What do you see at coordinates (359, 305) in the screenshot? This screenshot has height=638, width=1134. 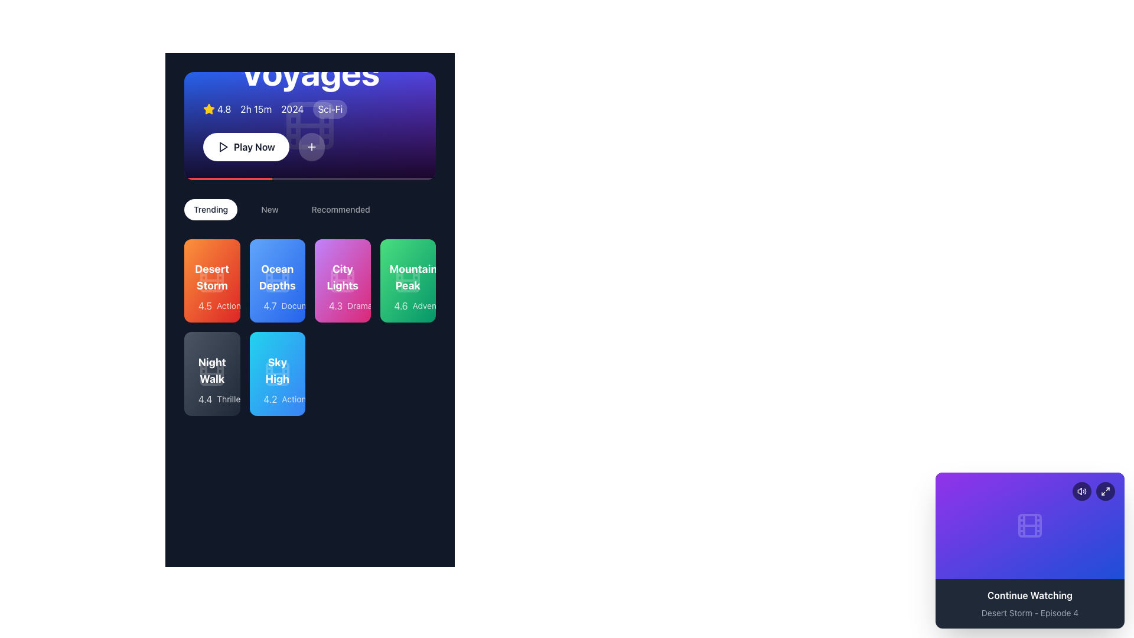 I see `text content of the static label displaying the genre 'Drama' for the movie 'City Lights', located in the bottom-right portion of the movie card` at bounding box center [359, 305].